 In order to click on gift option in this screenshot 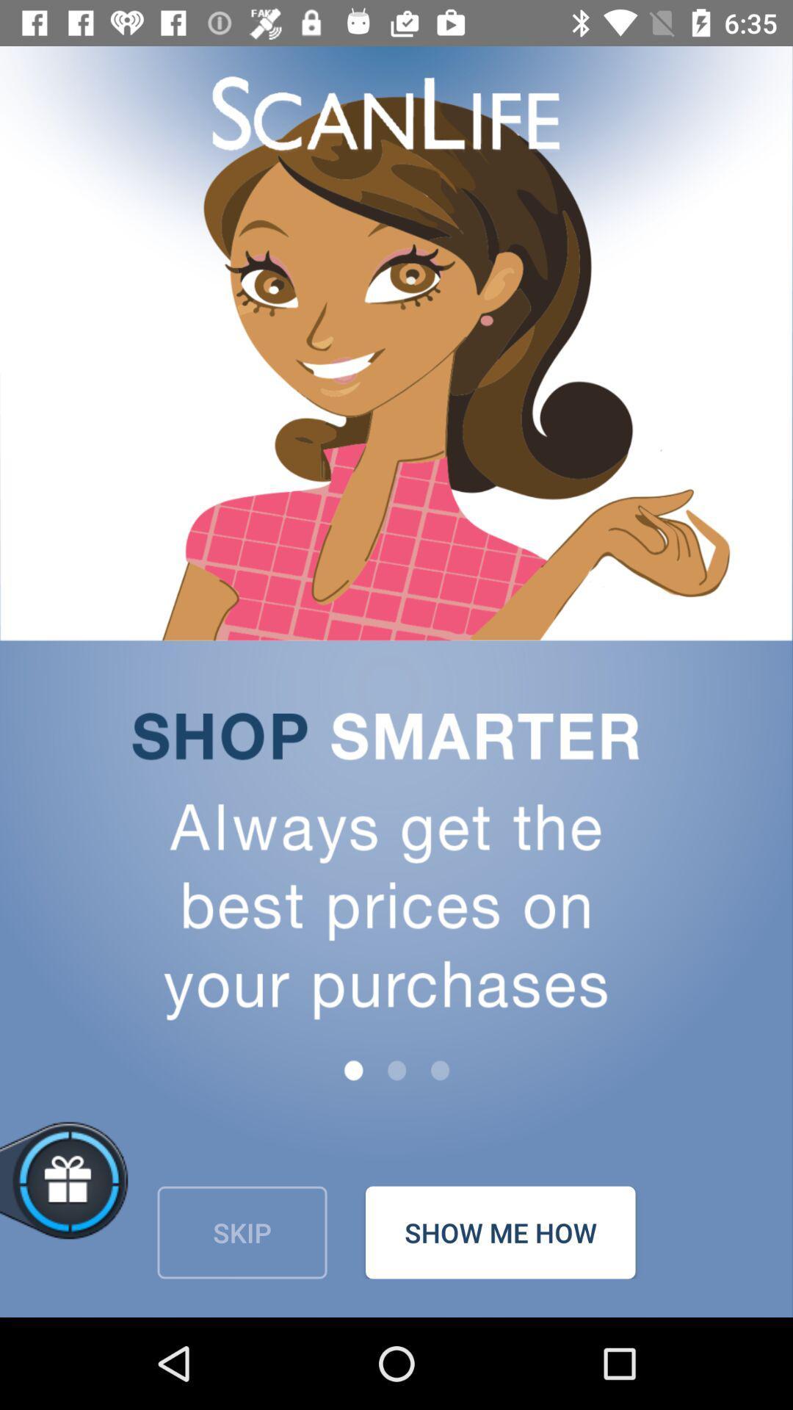, I will do `click(115, 1198)`.